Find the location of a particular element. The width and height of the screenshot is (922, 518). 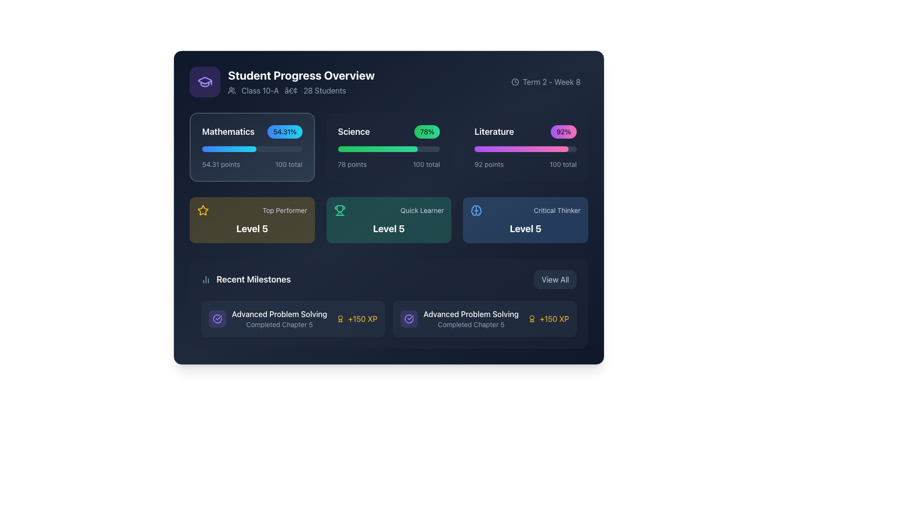

the text label displaying '100 total' located in the 'Literature' section, which is to the right of the '92 points' label and on a dark background is located at coordinates (563, 164).